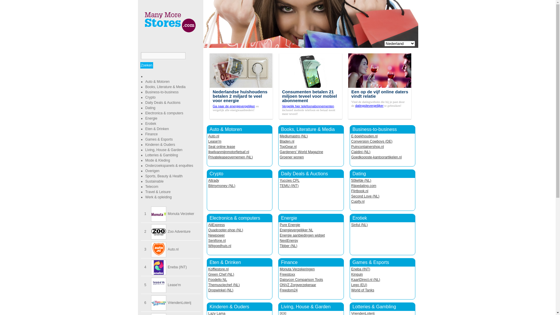 This screenshot has height=315, width=560. Describe the element at coordinates (219, 246) in the screenshot. I see `'Witgoedhuis.nl'` at that location.